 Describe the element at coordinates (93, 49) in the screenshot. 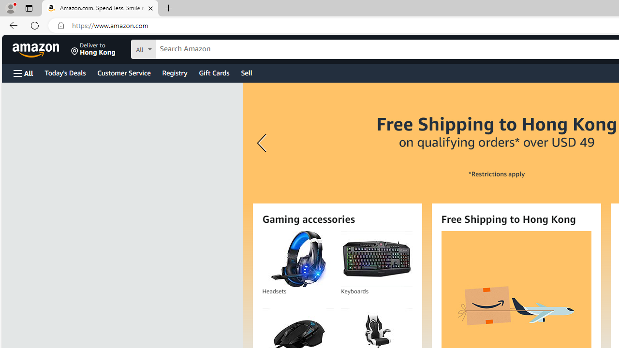

I see `'Deliver to Hong Kong'` at that location.